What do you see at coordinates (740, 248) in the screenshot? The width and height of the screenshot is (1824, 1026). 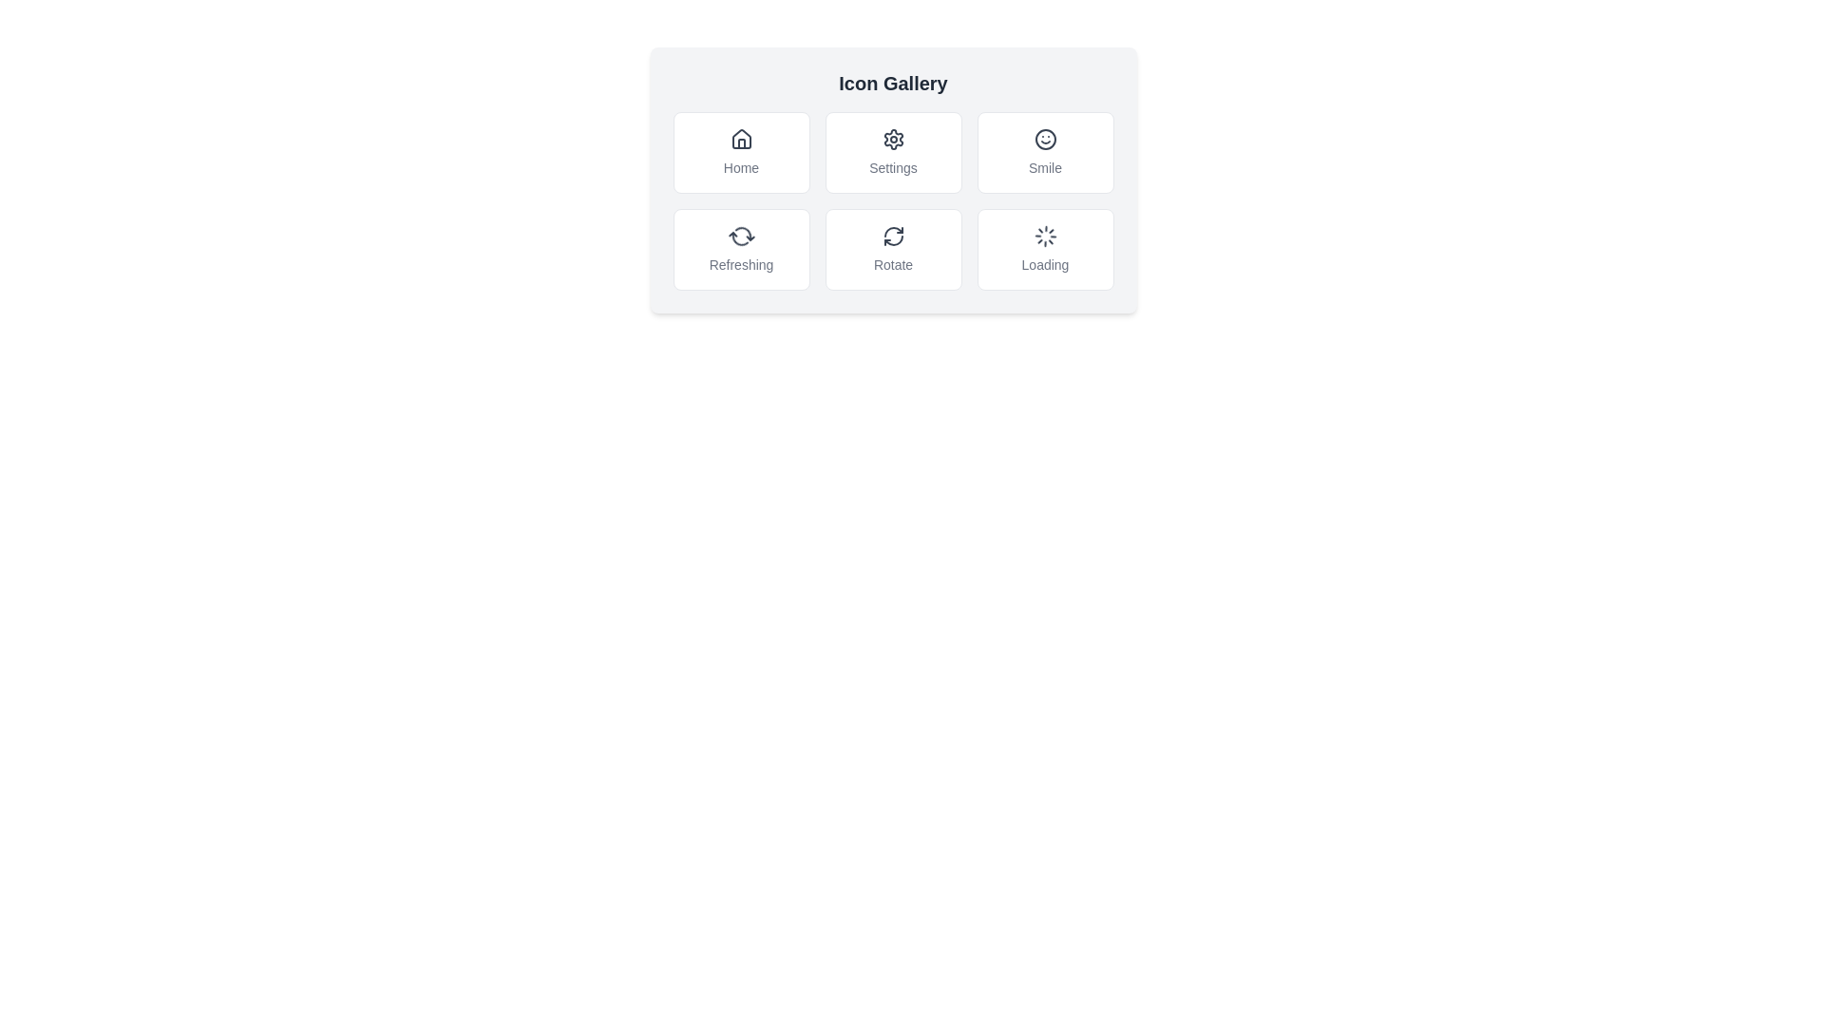 I see `the button labeled 'Refreshing' with a spinning circular arrow icon, located in the second row and first column of the 'Icon Gallery' grid` at bounding box center [740, 248].